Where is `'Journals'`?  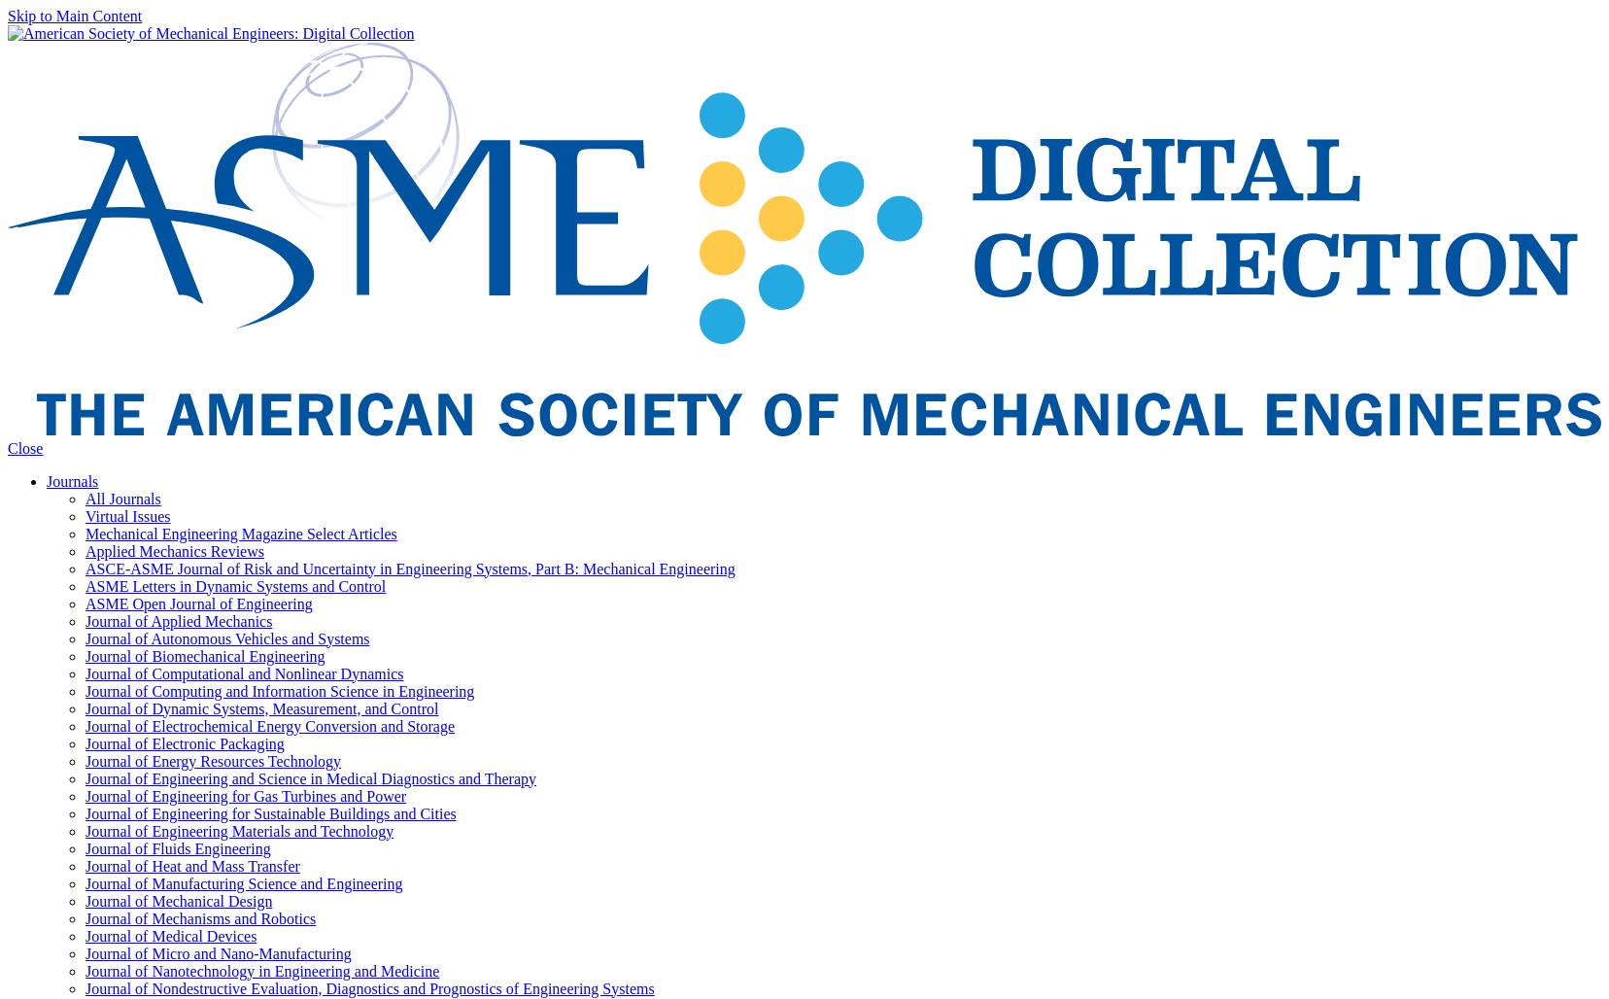
'Journals' is located at coordinates (71, 479).